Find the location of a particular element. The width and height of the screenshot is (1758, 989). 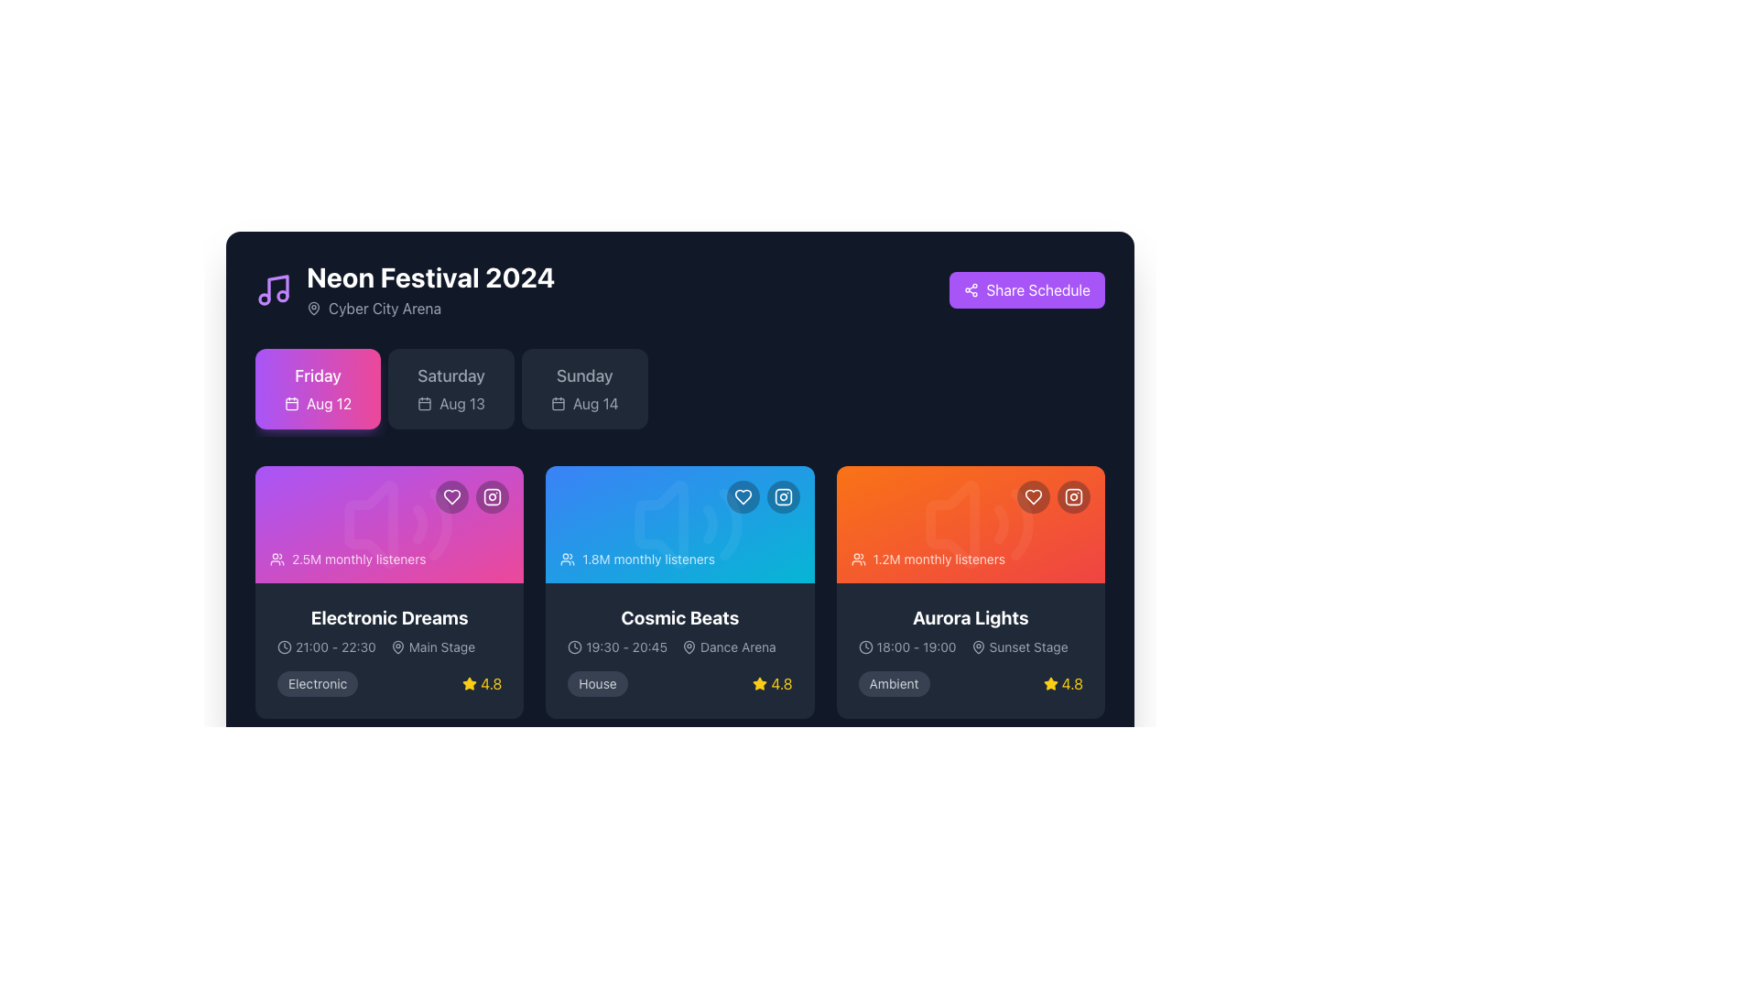

the static badge located below the 'Electronic Dreams' card in the events grid, which displays a star rating of '4.8' is located at coordinates (318, 684).